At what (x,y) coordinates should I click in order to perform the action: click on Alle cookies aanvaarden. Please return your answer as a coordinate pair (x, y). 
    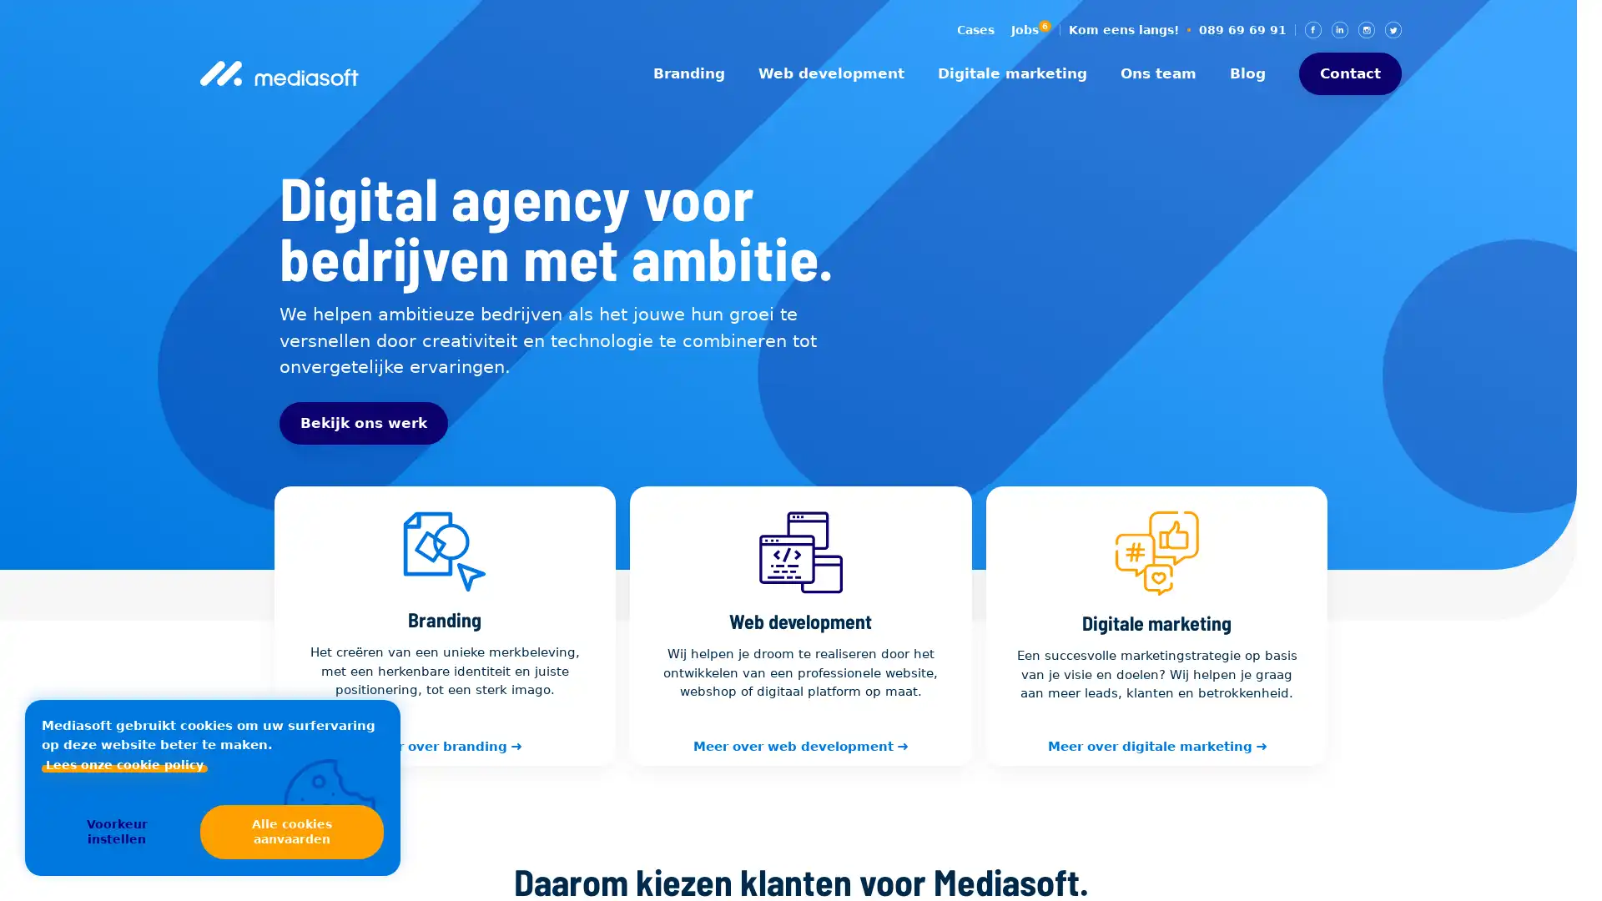
    Looking at the image, I should click on (292, 832).